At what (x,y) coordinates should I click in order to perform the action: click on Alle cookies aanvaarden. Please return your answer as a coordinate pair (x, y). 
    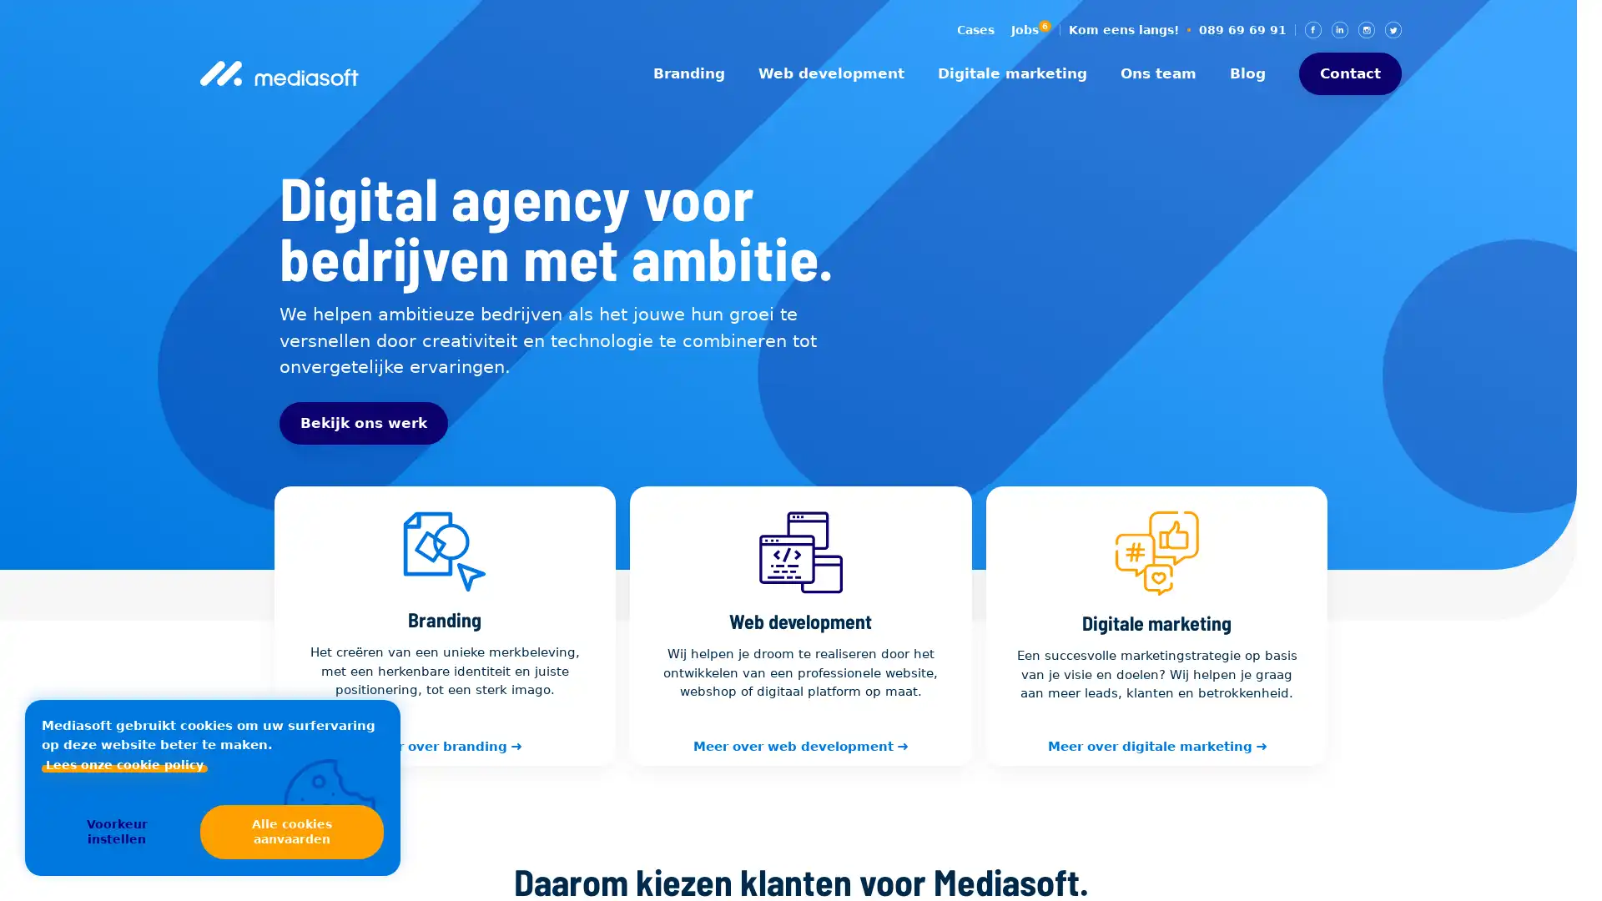
    Looking at the image, I should click on (292, 832).